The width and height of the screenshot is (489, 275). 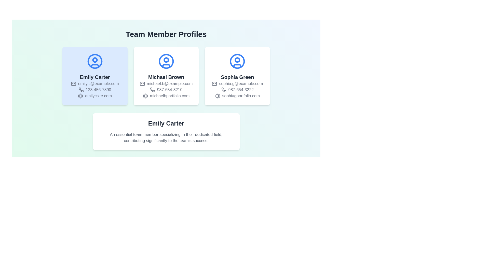 I want to click on the globe icon located next to 'michaelbportfolio.com' in the profile card of Michael Brown to follow the associated link, so click(x=145, y=96).